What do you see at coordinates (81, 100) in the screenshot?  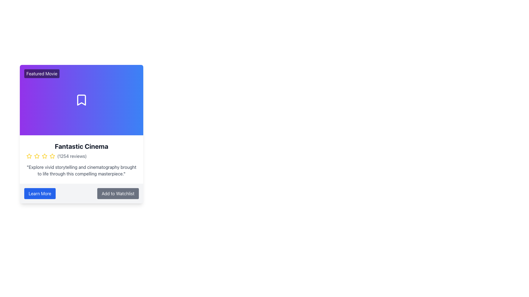 I see `the bookmark icon, which is a simple outline style in white, located at the center of the gradient background in the 'Featured Movie' card component, to bookmark` at bounding box center [81, 100].